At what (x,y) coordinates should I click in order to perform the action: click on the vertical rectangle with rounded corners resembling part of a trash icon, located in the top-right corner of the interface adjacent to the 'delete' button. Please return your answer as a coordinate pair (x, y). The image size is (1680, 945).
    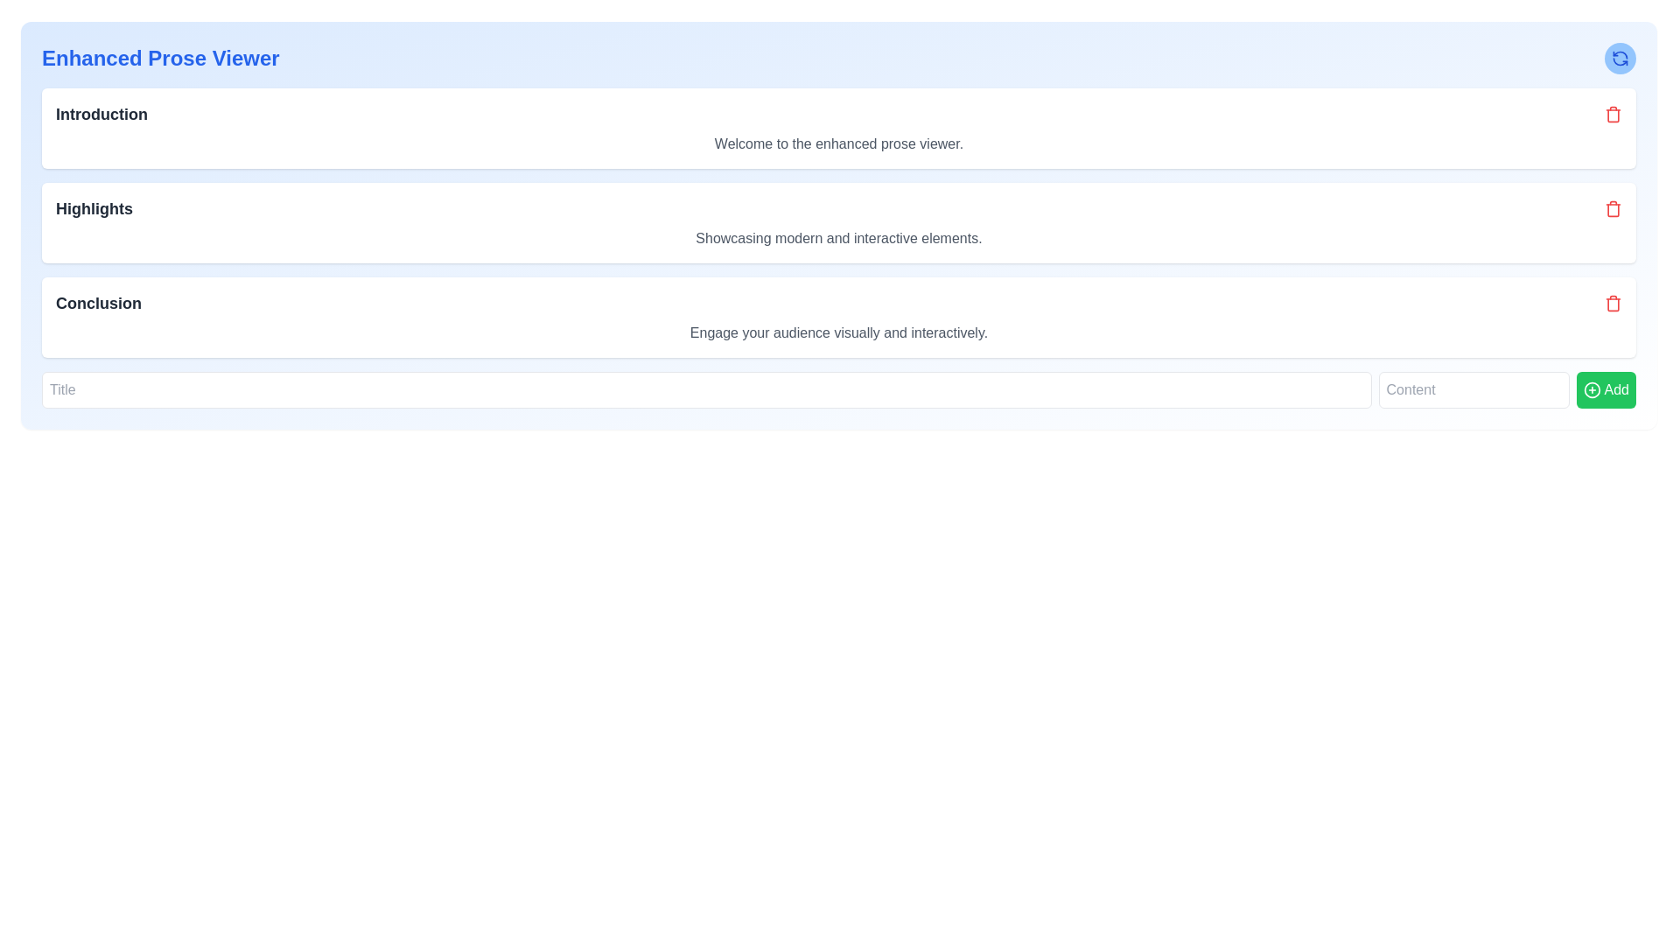
    Looking at the image, I should click on (1612, 115).